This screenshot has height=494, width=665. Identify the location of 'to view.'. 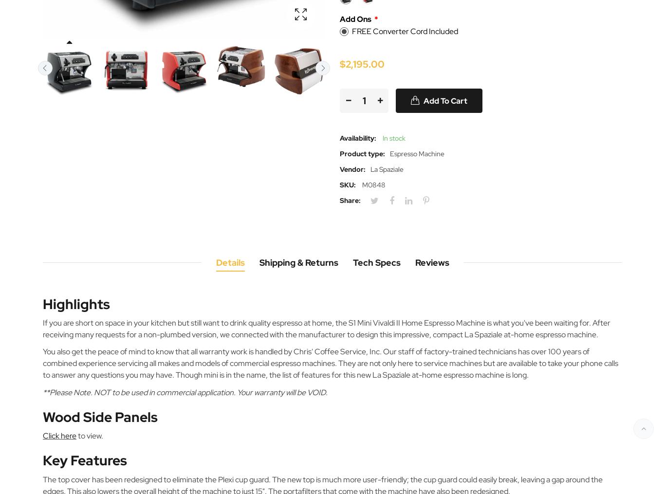
(90, 435).